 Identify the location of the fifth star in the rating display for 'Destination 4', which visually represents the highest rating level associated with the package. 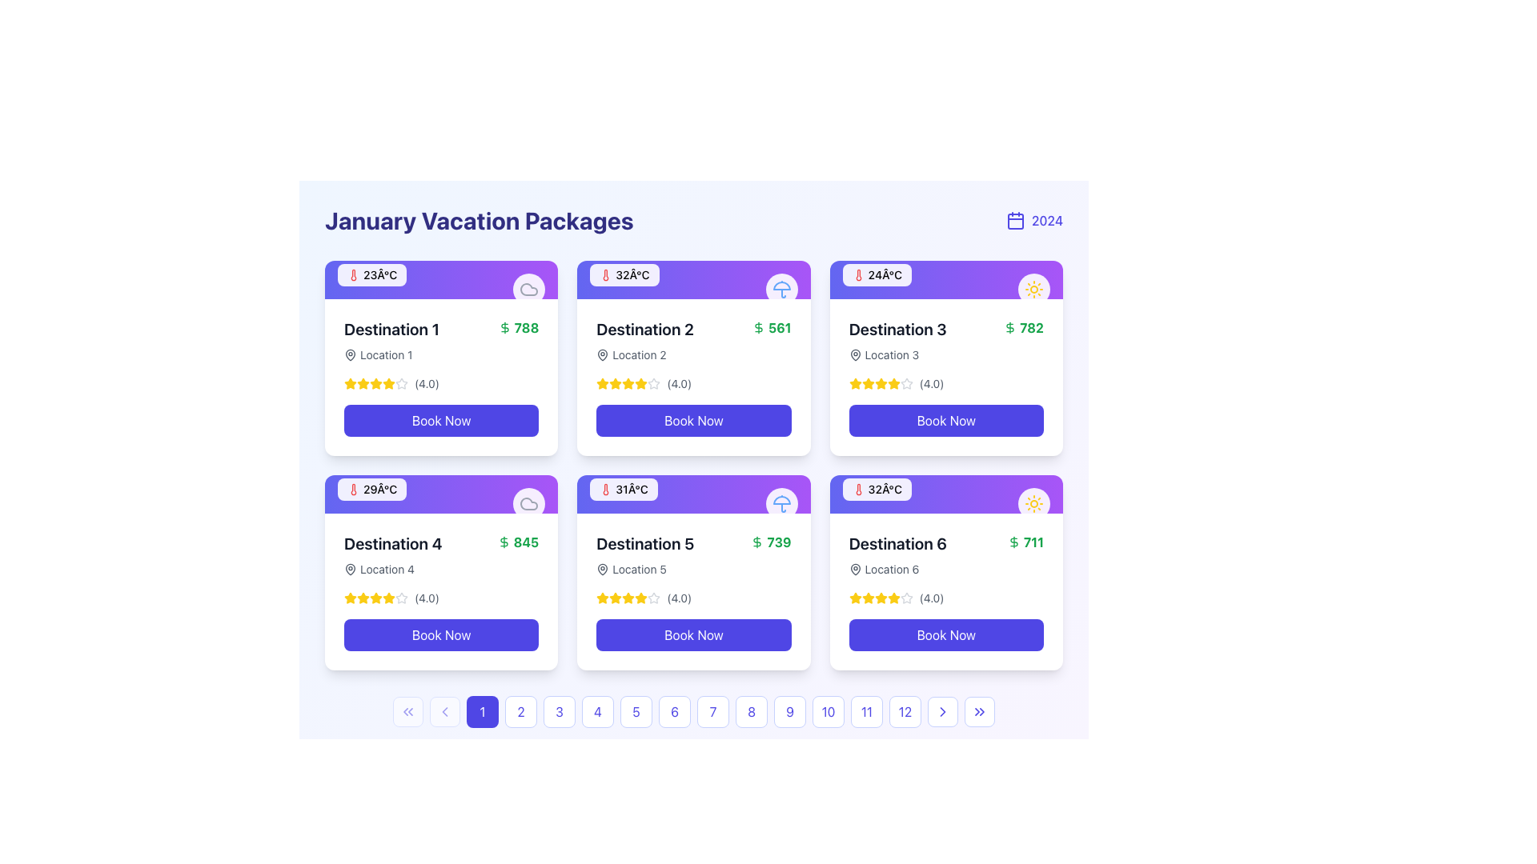
(375, 598).